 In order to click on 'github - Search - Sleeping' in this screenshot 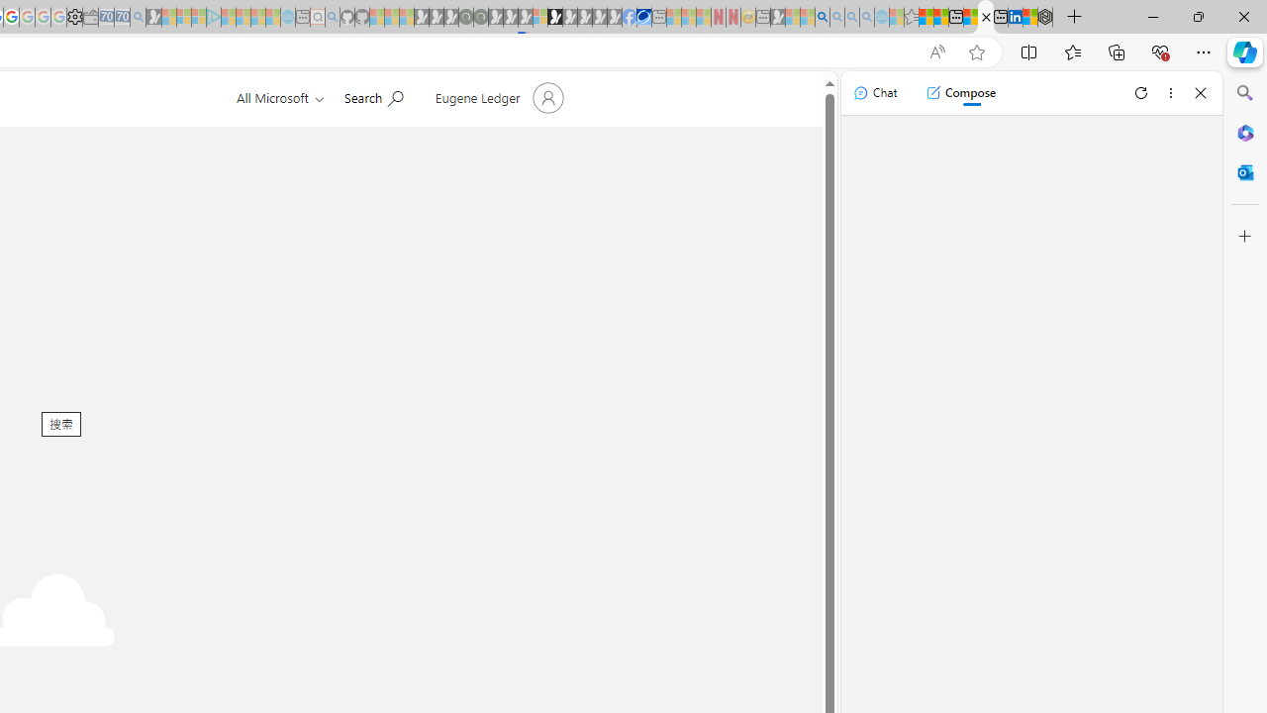, I will do `click(333, 17)`.